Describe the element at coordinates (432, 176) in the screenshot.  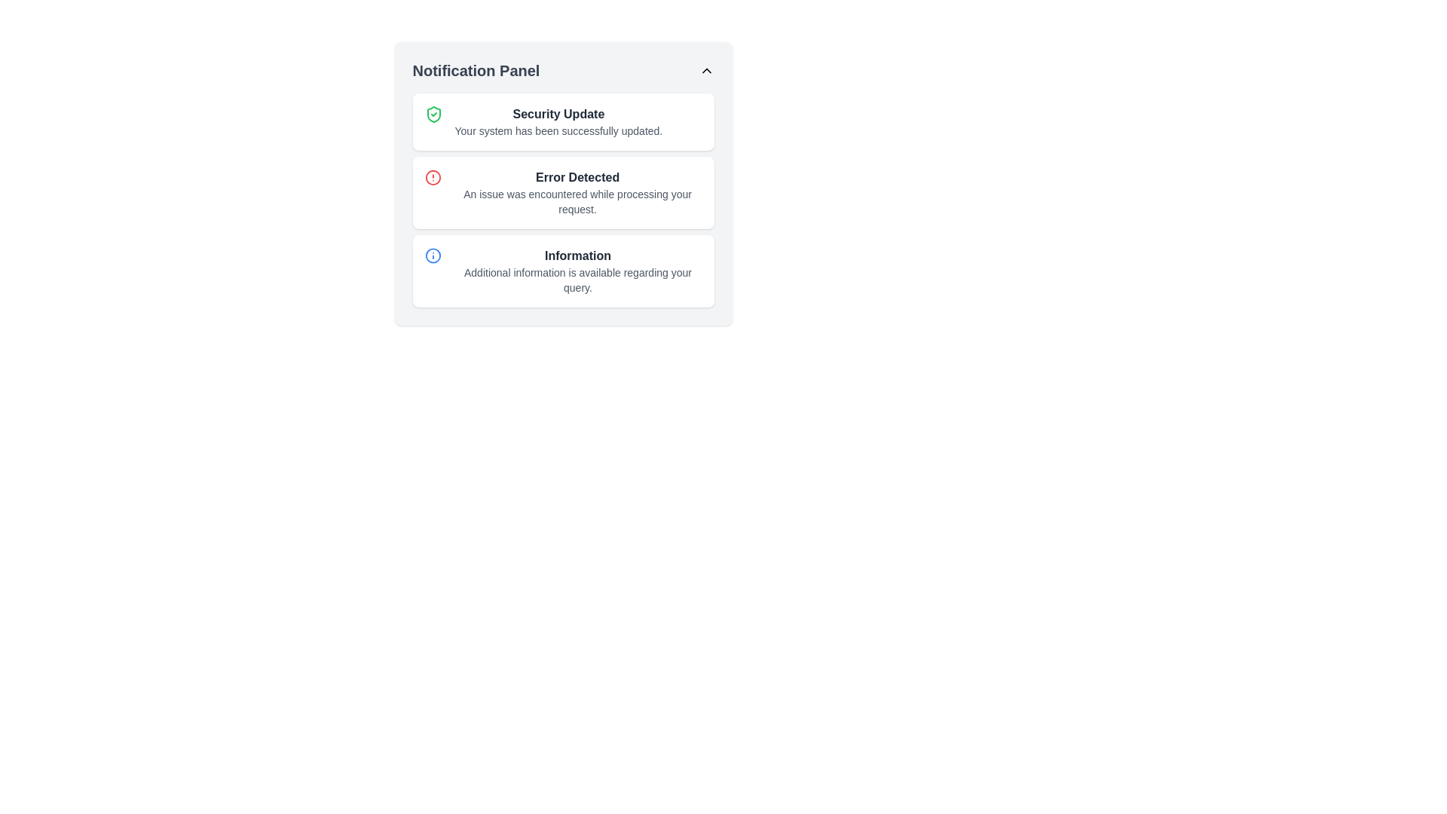
I see `the error alert icon located to the left of the 'Error Detected' text block in the notification panel` at that location.